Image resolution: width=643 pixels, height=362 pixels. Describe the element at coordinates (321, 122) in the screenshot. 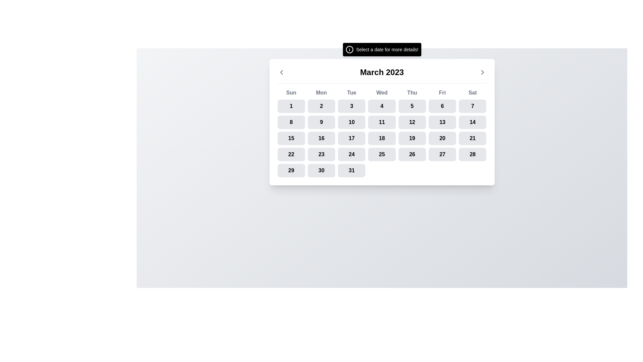

I see `the rectangular button displaying the number '9' in the calendar grid` at that location.